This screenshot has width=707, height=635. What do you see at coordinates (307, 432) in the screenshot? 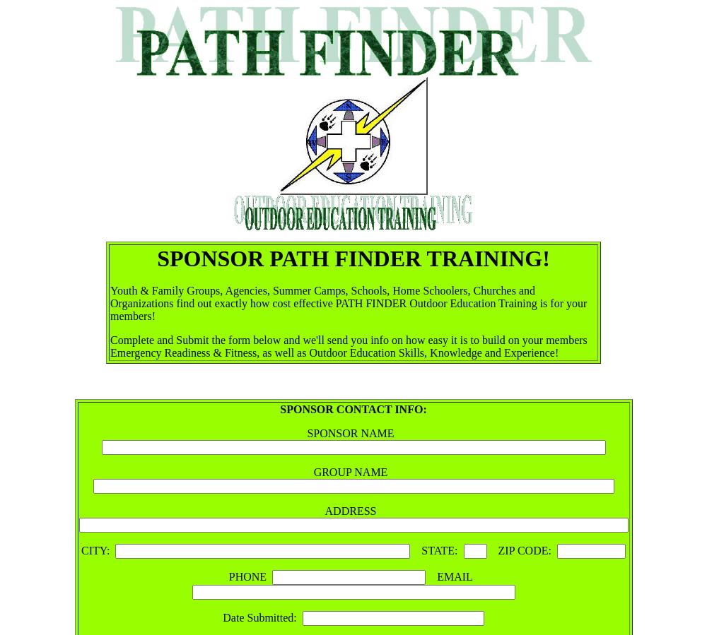
I see `'SPONSOR NAME'` at bounding box center [307, 432].